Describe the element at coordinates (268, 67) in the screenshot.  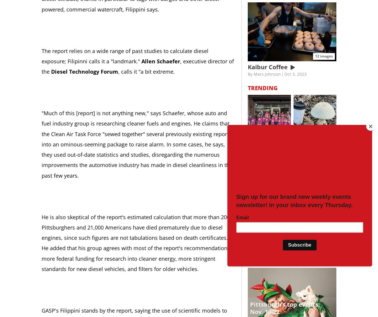
I see `'Kaibur Coffee'` at that location.